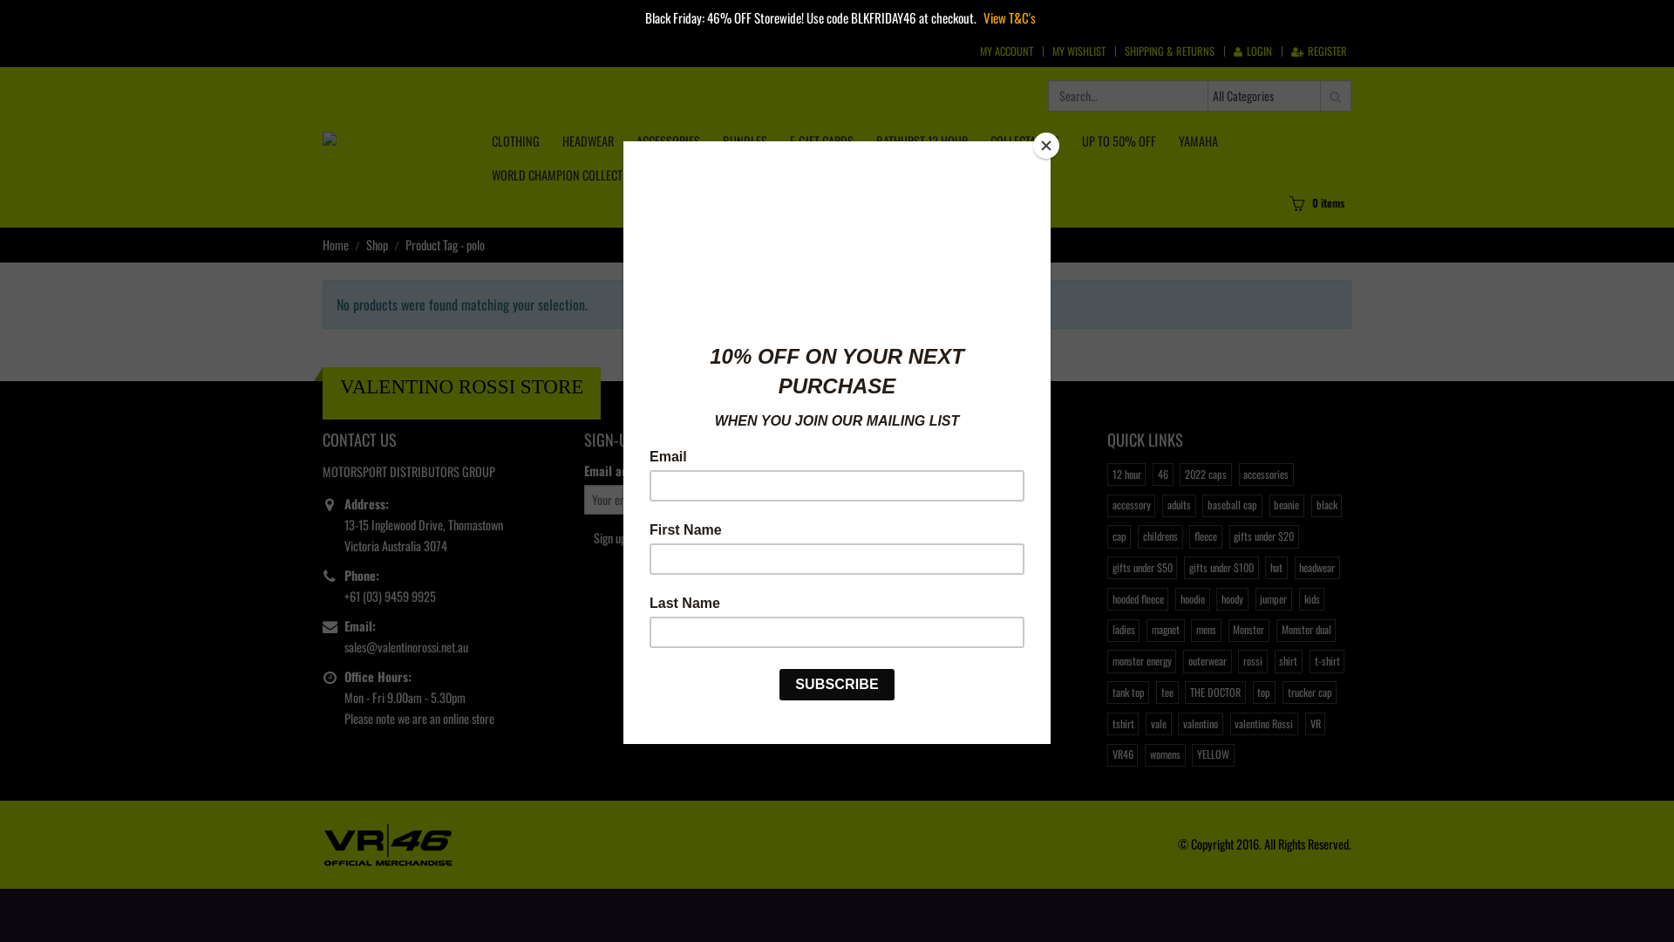 The image size is (1674, 942). What do you see at coordinates (1287, 505) in the screenshot?
I see `'beanie'` at bounding box center [1287, 505].